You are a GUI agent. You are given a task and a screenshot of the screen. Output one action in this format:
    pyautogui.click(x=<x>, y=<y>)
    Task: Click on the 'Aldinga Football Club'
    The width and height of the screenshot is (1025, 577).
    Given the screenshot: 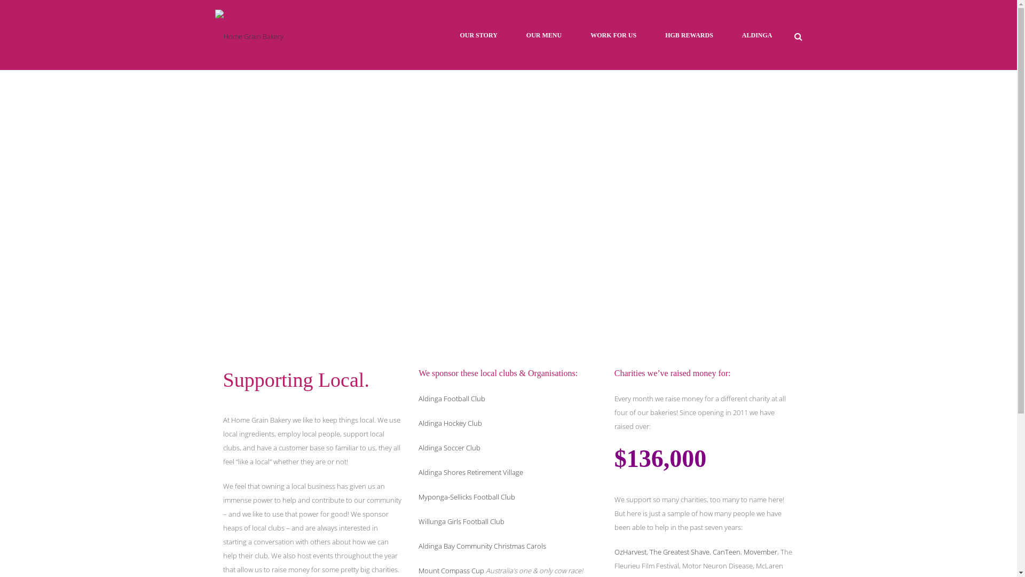 What is the action you would take?
    pyautogui.click(x=452, y=398)
    